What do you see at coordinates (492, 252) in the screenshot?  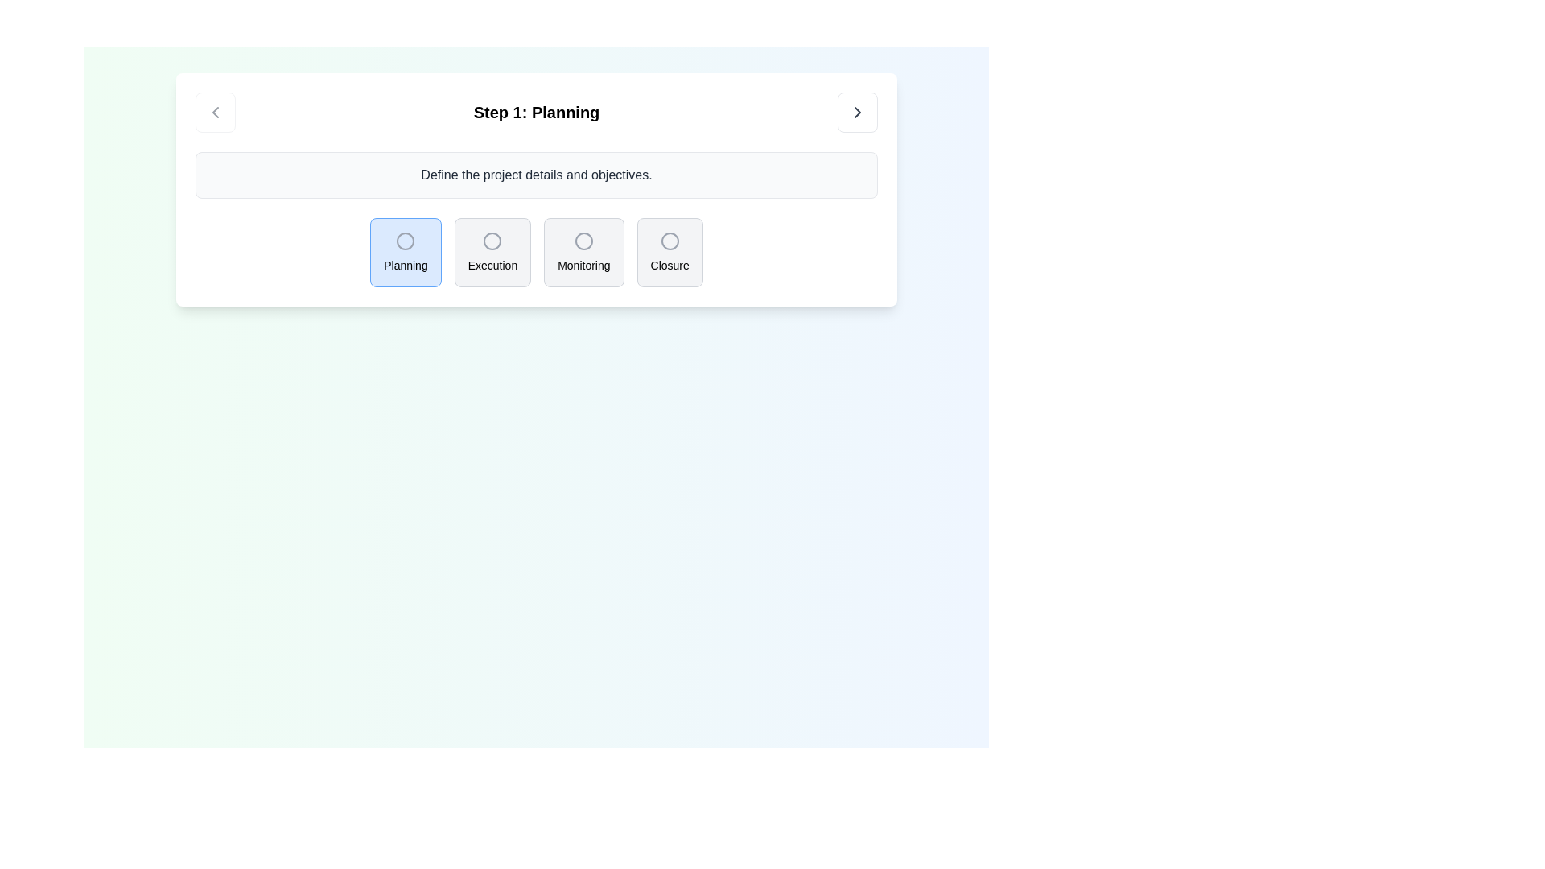 I see `the 'Execution' selectable card or step indicator element, which is the second item in a group of four components` at bounding box center [492, 252].